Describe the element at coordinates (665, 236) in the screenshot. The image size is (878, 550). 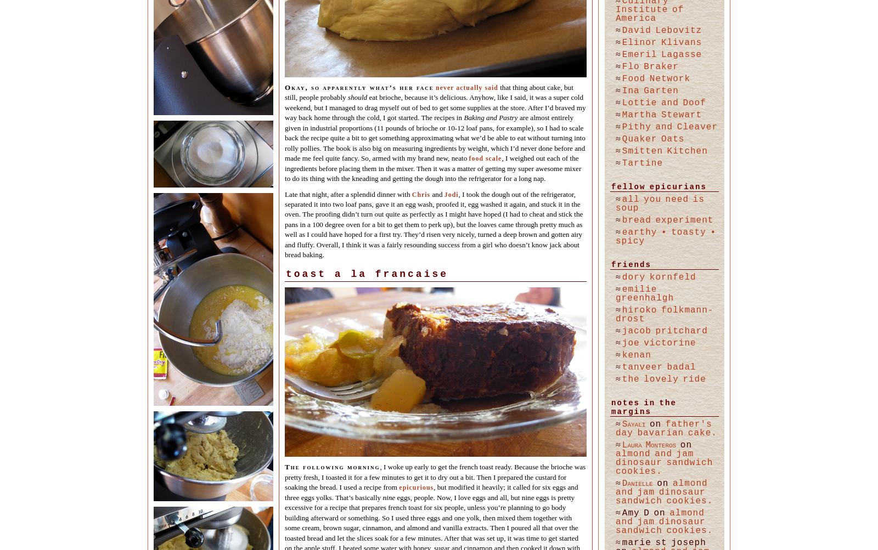
I see `'earthy • toasty • spicy'` at that location.